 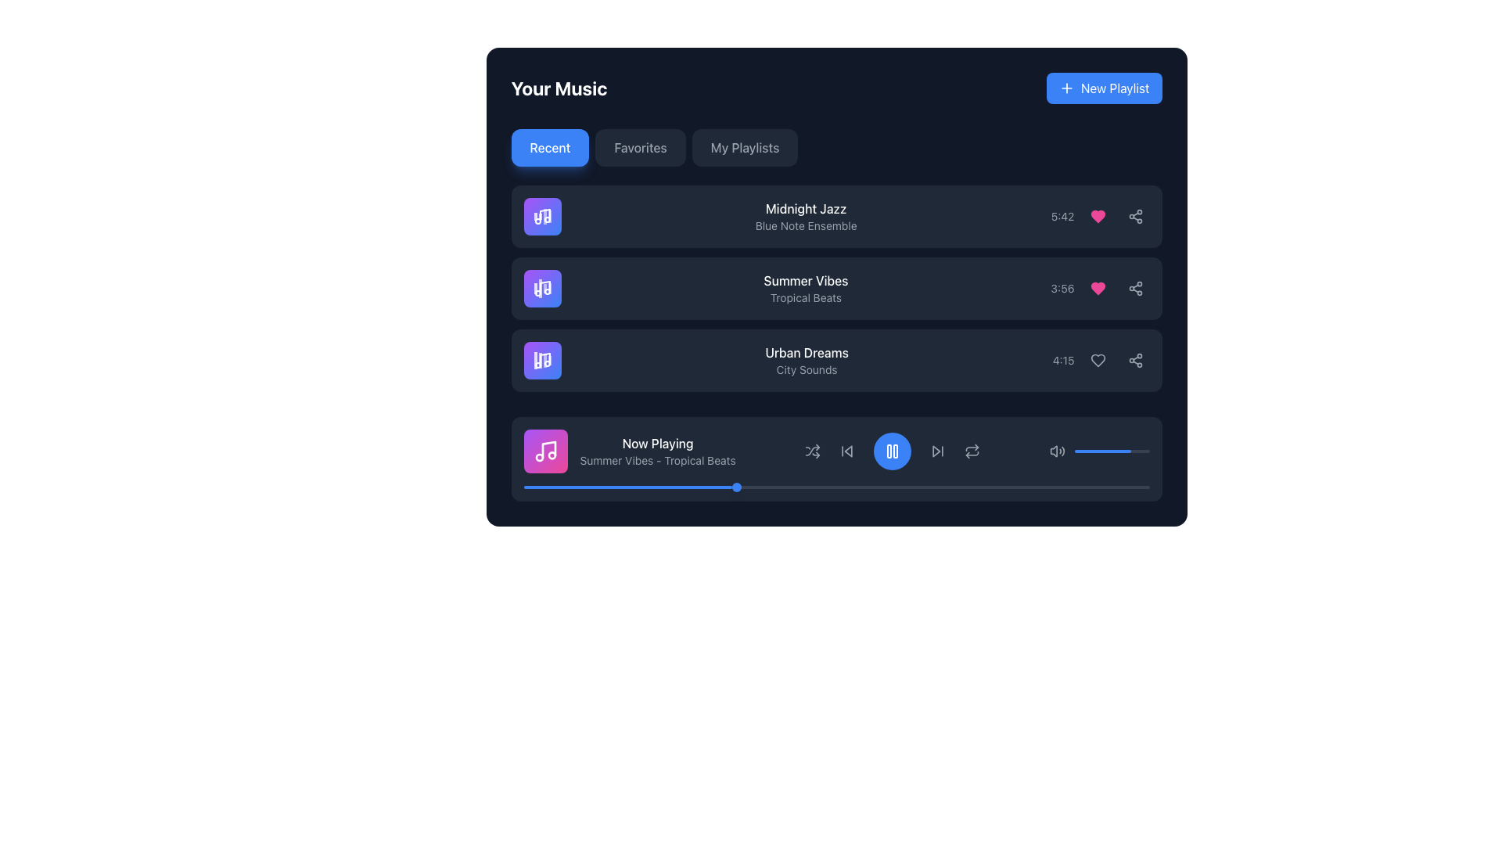 I want to click on the forward-skip arrow button located as the fourth interactive control element from the left in the dark-themed media control area to skip forward, so click(x=938, y=451).